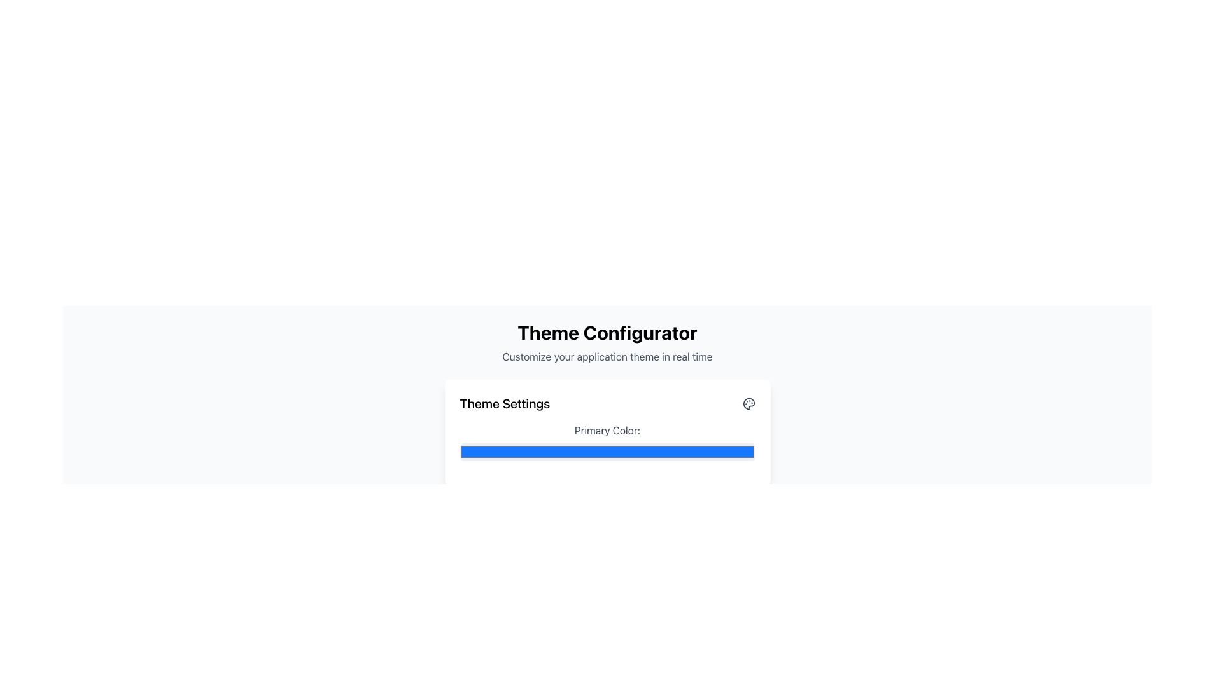  Describe the element at coordinates (748, 404) in the screenshot. I see `the painter's palette icon in the 'Theme Settings' section` at that location.